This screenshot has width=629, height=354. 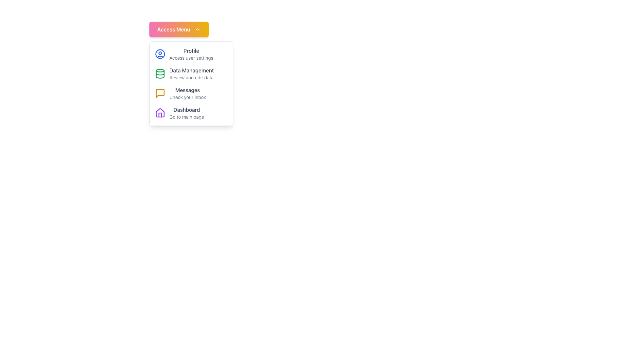 I want to click on the speech bubble icon with a yellow outline, located to the left of the 'Messages' menu item in the dropdown list, so click(x=160, y=93).